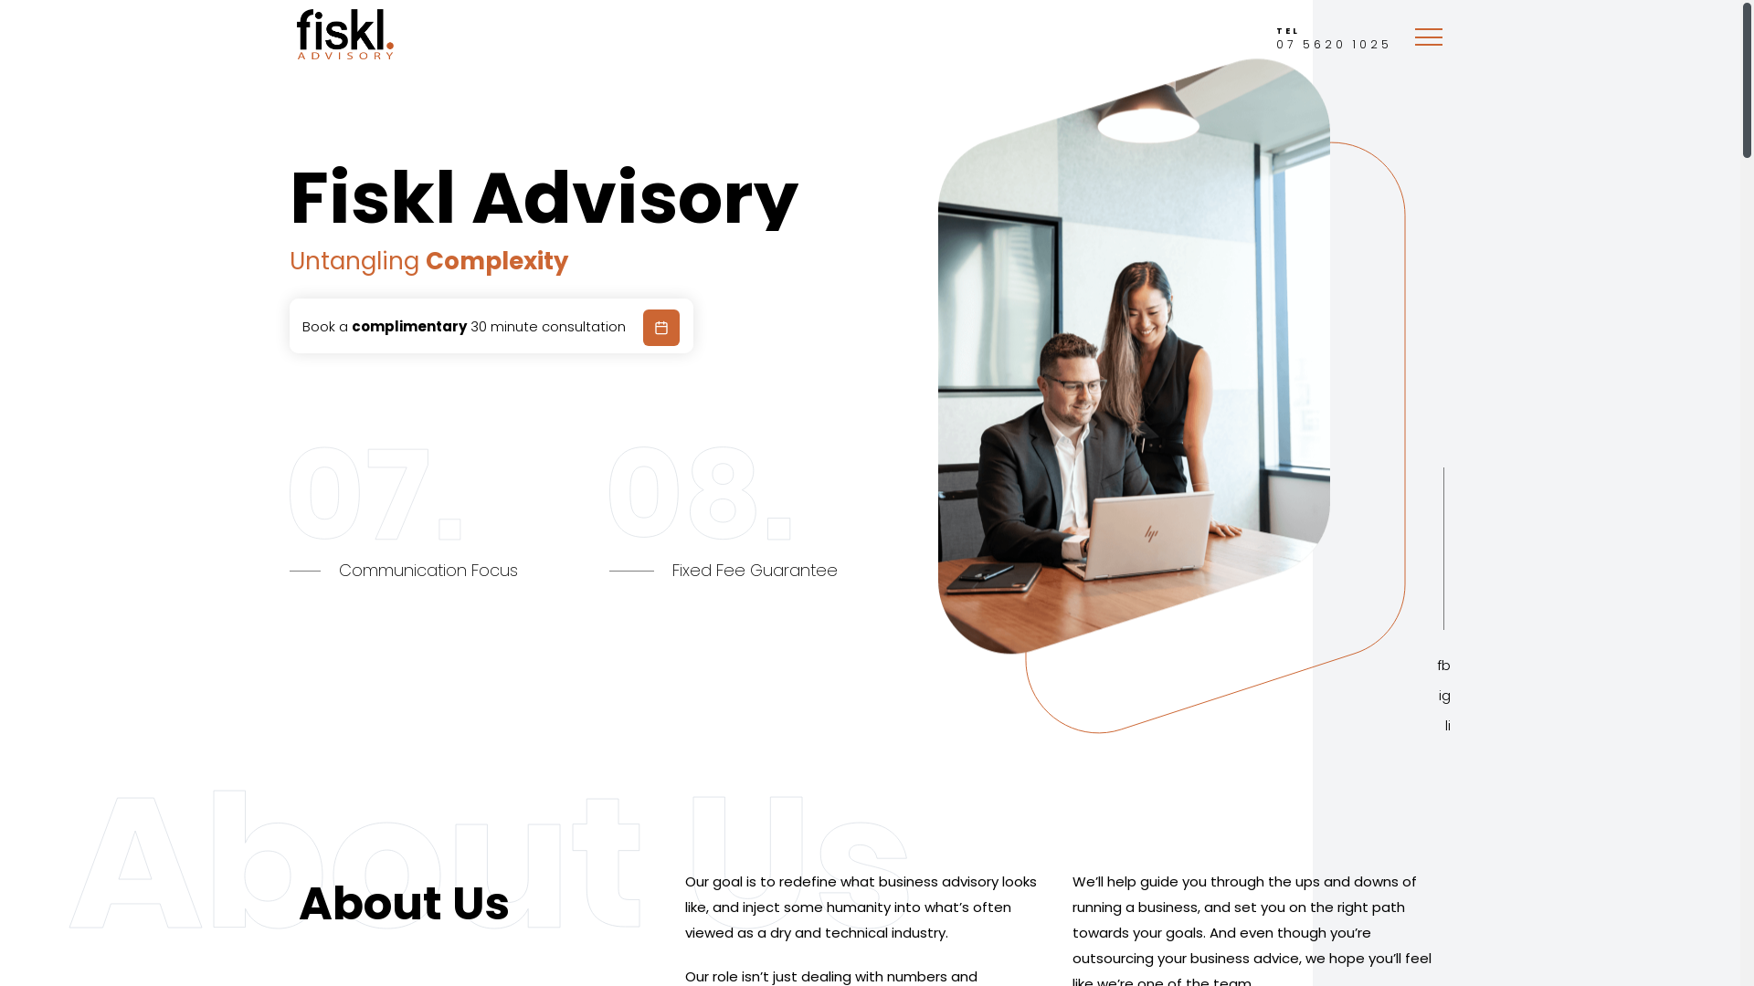  Describe the element at coordinates (1133, 355) in the screenshot. I see `'hi-banner-img-1@2x'` at that location.